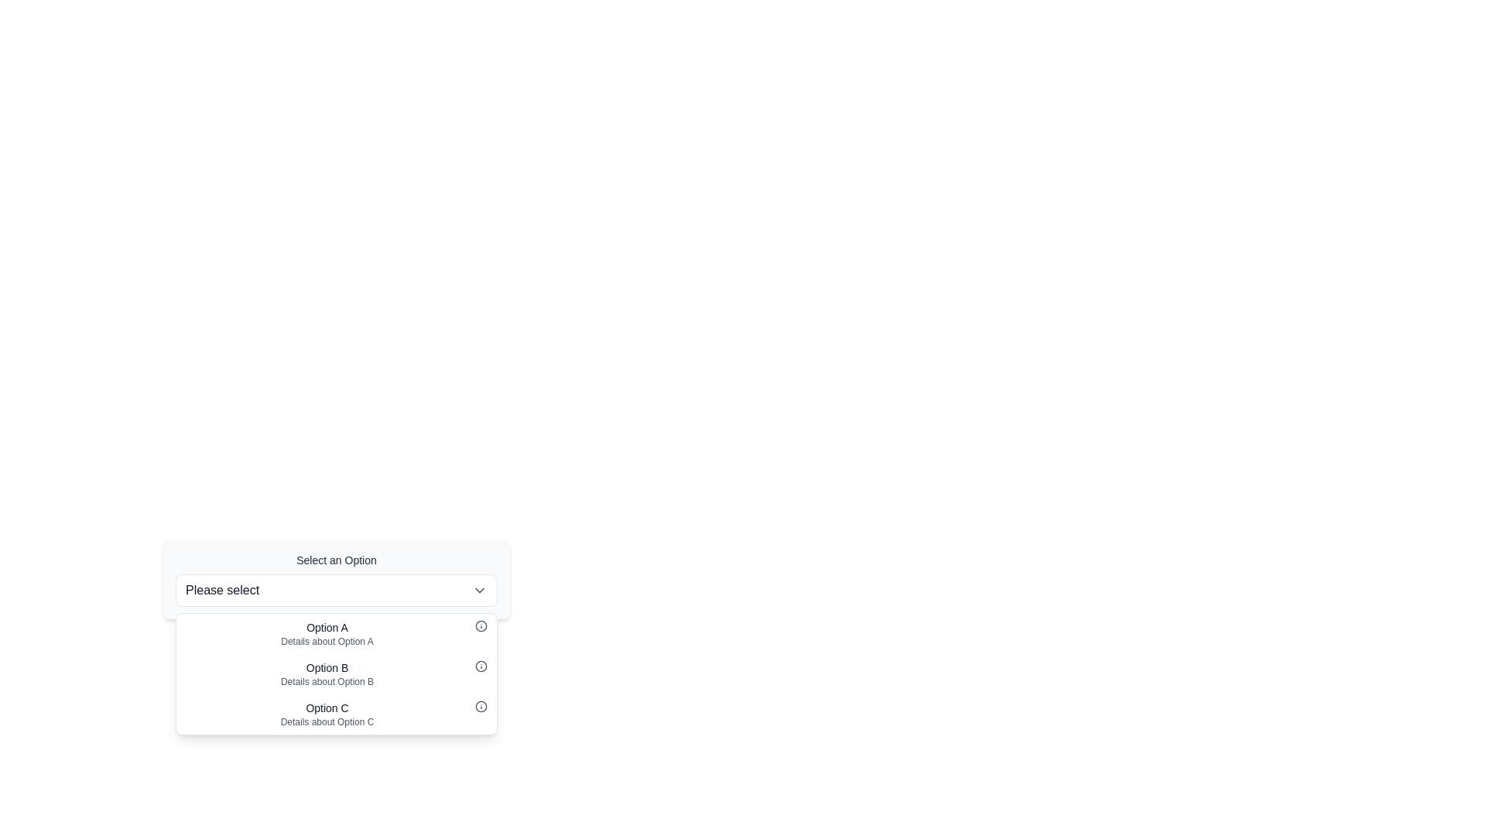  Describe the element at coordinates (481, 707) in the screenshot. I see `the information icon located to the far right of 'Option C' to interact and reveal additional details` at that location.